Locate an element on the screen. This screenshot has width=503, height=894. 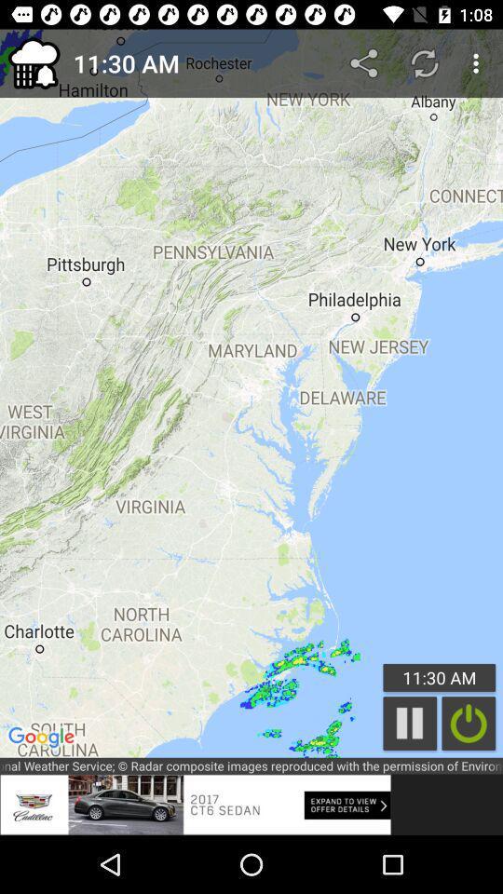
opens up advertisement is located at coordinates (195, 804).